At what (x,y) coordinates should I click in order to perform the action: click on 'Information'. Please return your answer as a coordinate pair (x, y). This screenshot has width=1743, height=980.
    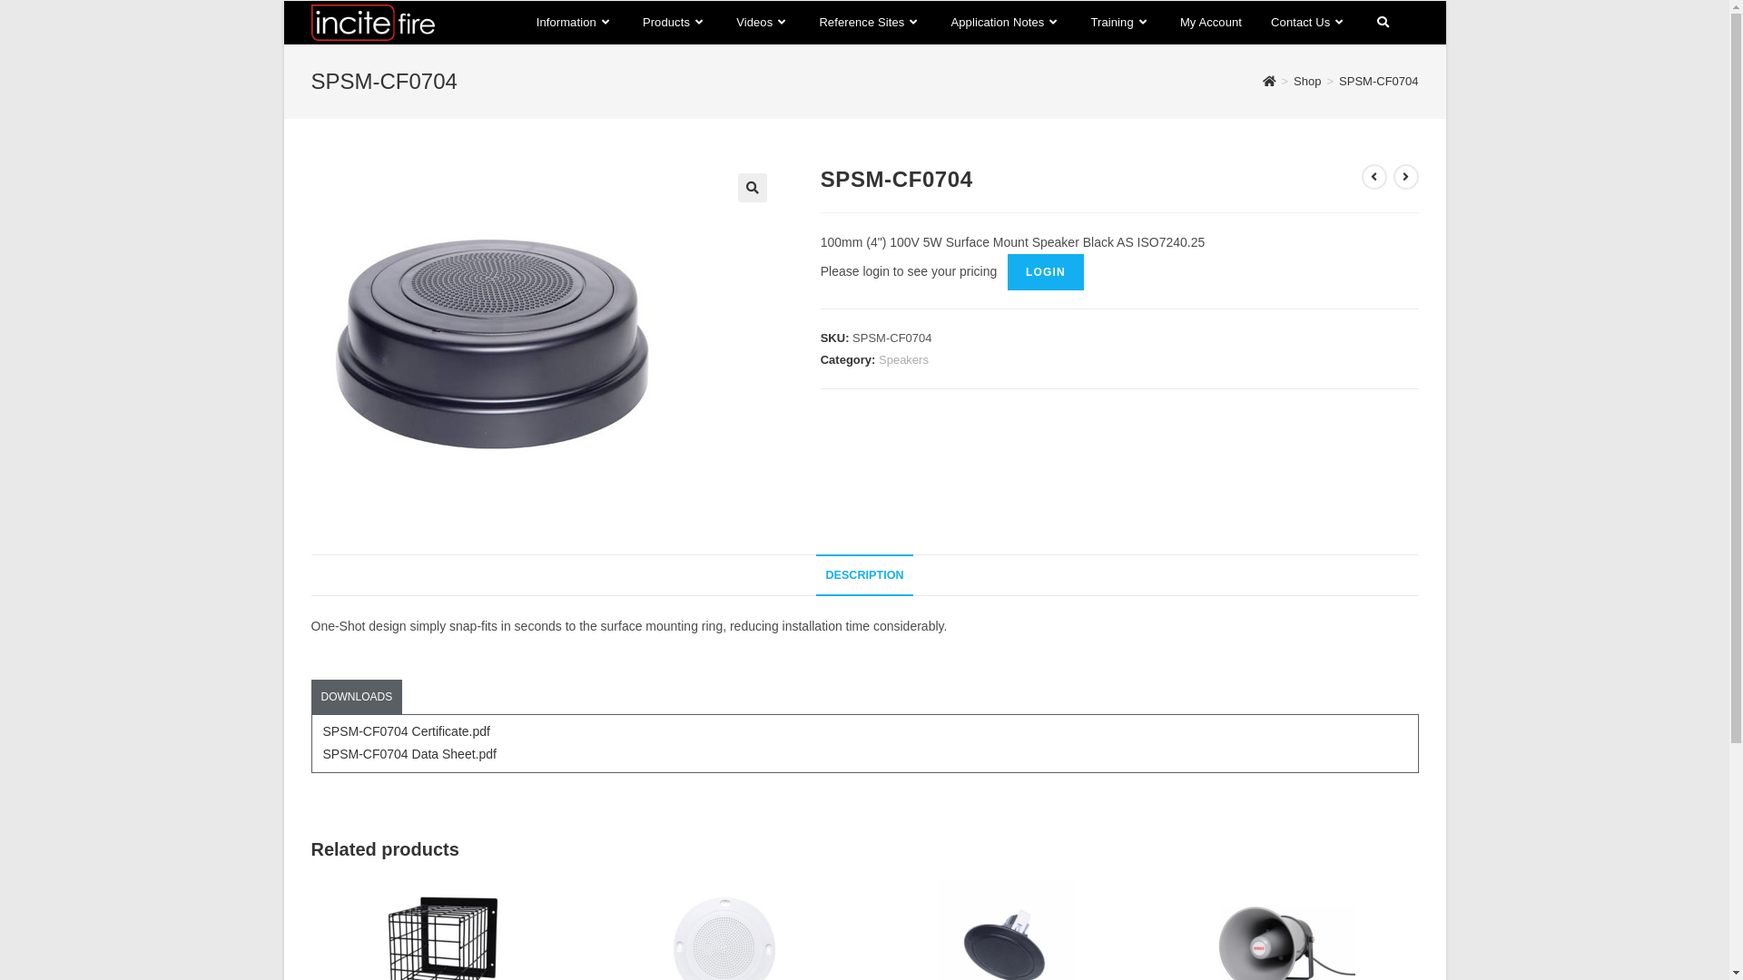
    Looking at the image, I should click on (521, 22).